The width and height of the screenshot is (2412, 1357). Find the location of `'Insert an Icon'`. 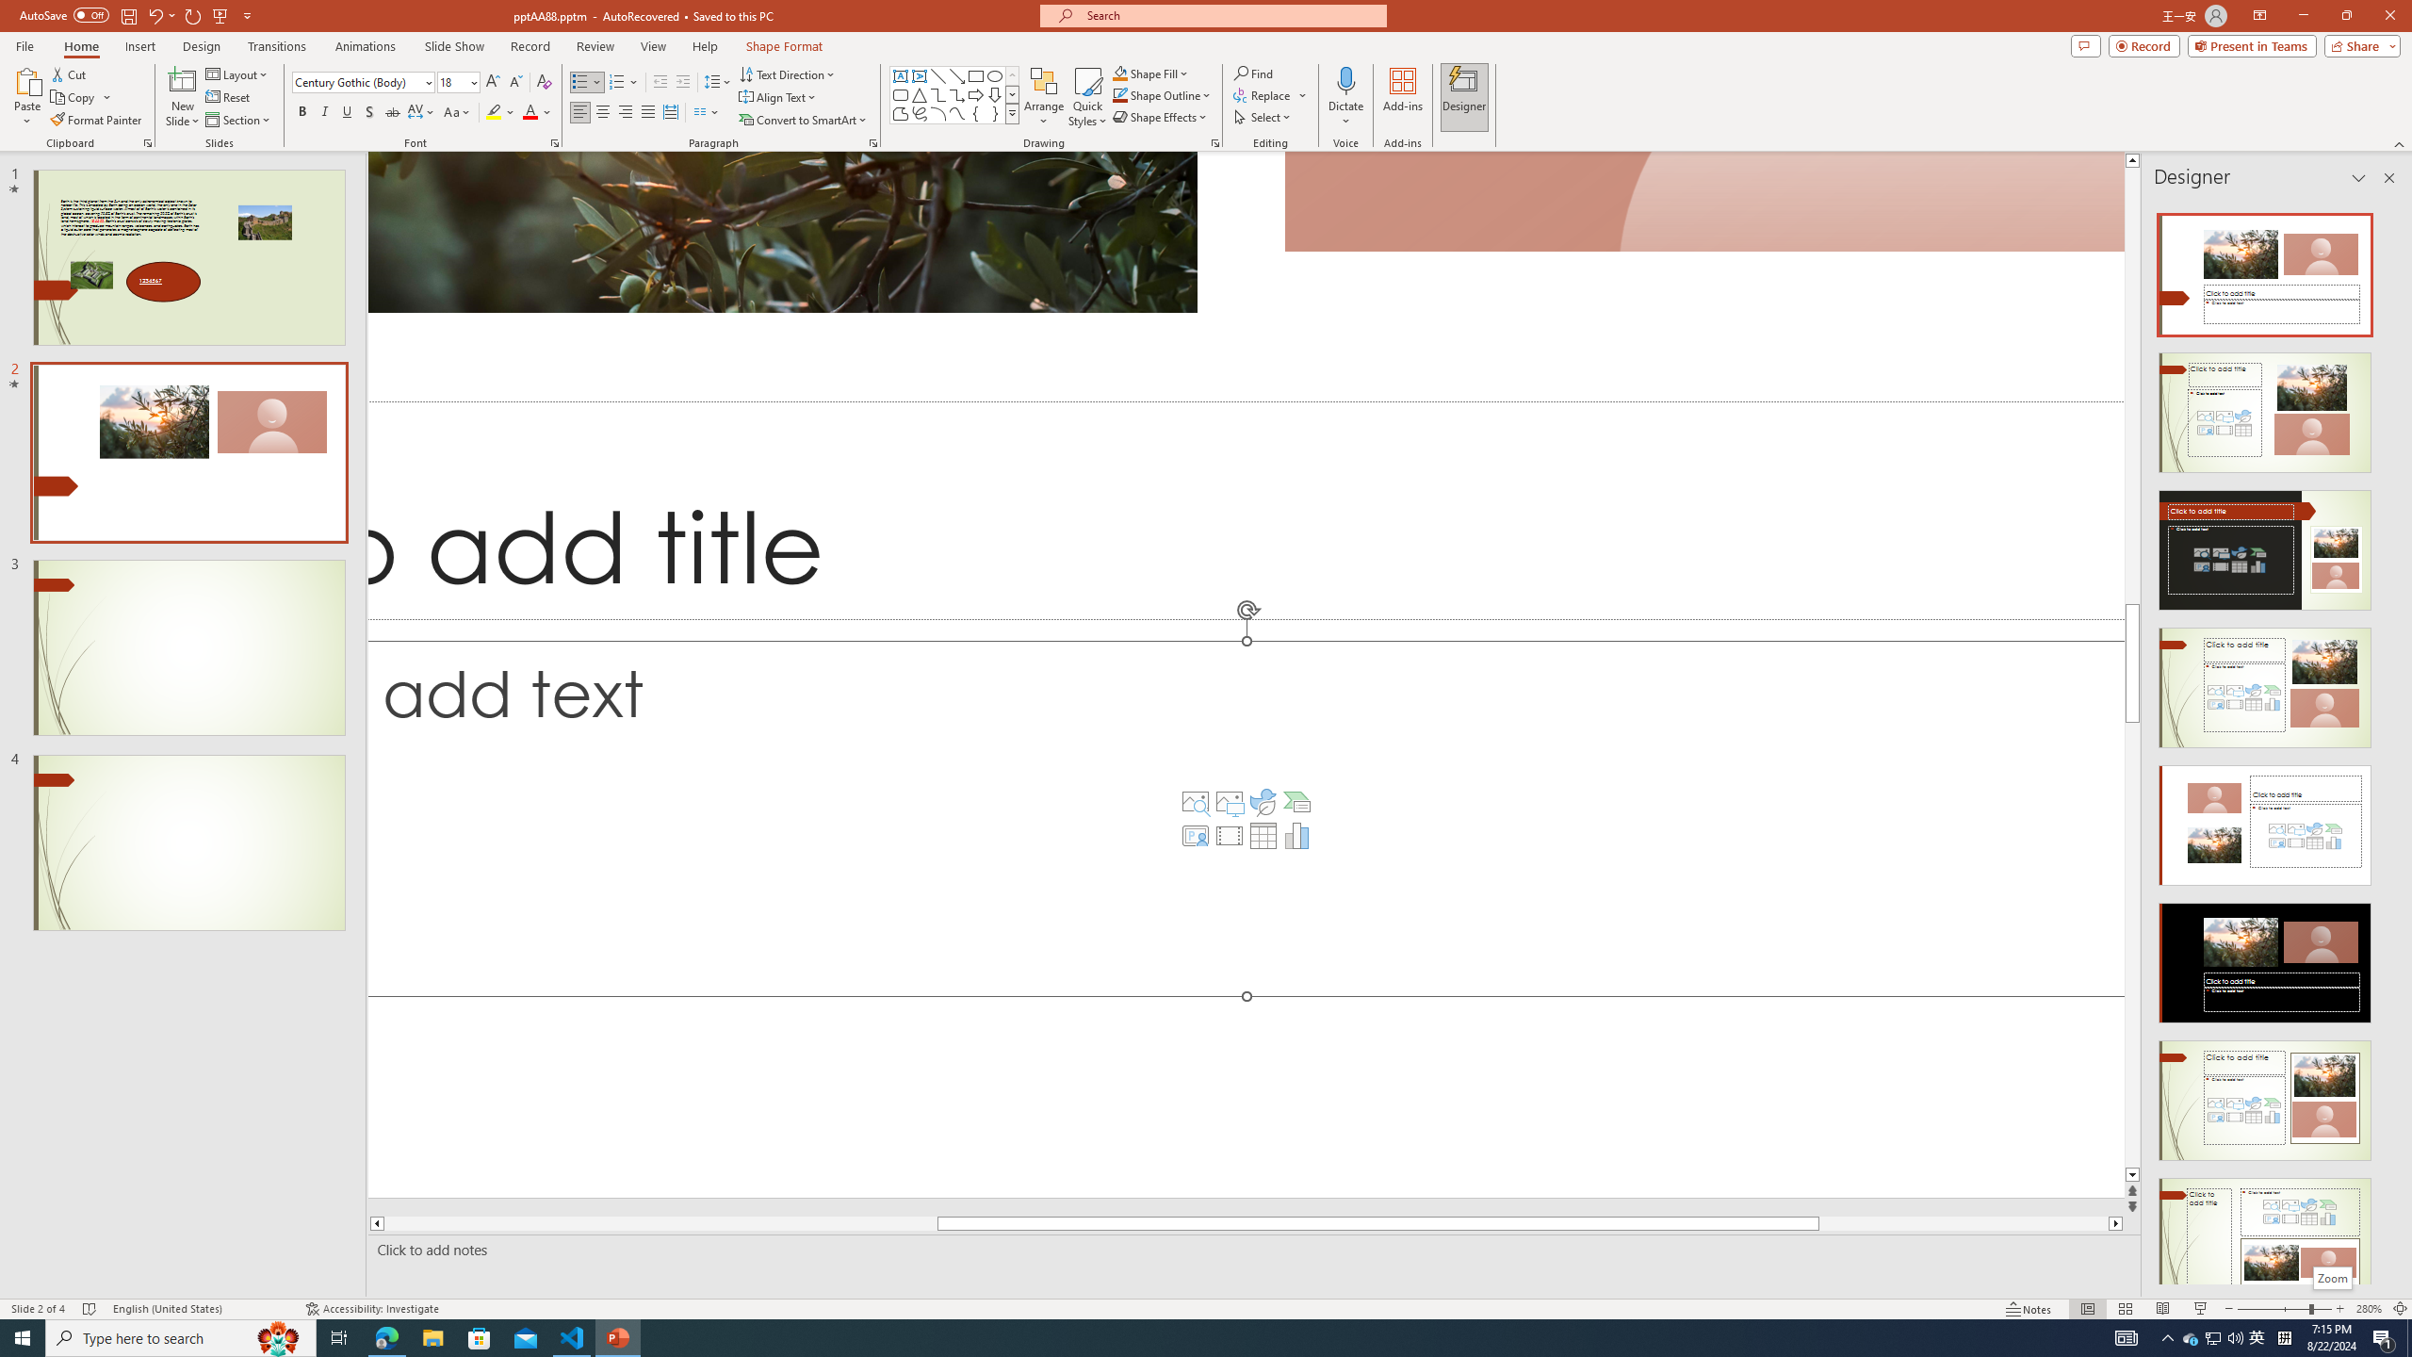

'Insert an Icon' is located at coordinates (1263, 801).